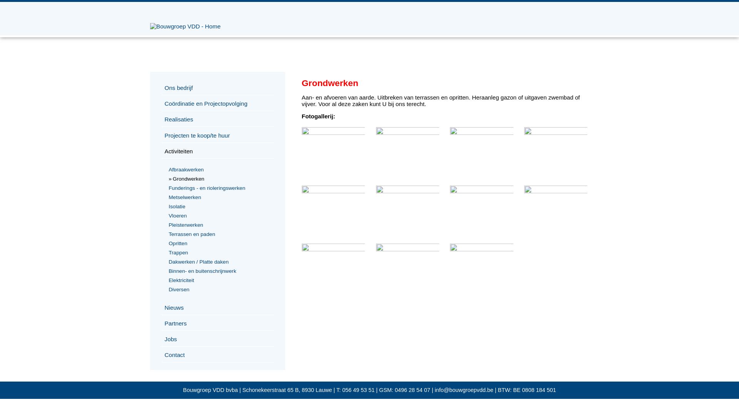 This screenshot has height=415, width=739. Describe the element at coordinates (219, 169) in the screenshot. I see `'Afbraakwerken'` at that location.